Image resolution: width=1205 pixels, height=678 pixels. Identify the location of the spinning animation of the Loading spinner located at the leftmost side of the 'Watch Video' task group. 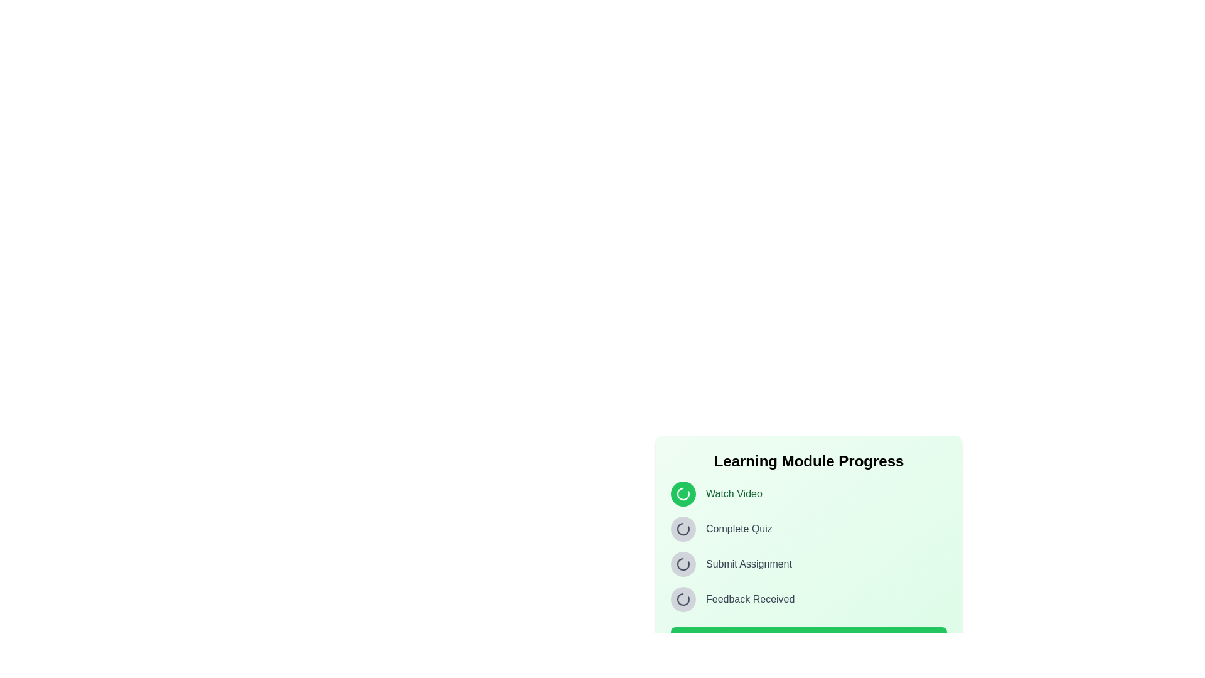
(683, 493).